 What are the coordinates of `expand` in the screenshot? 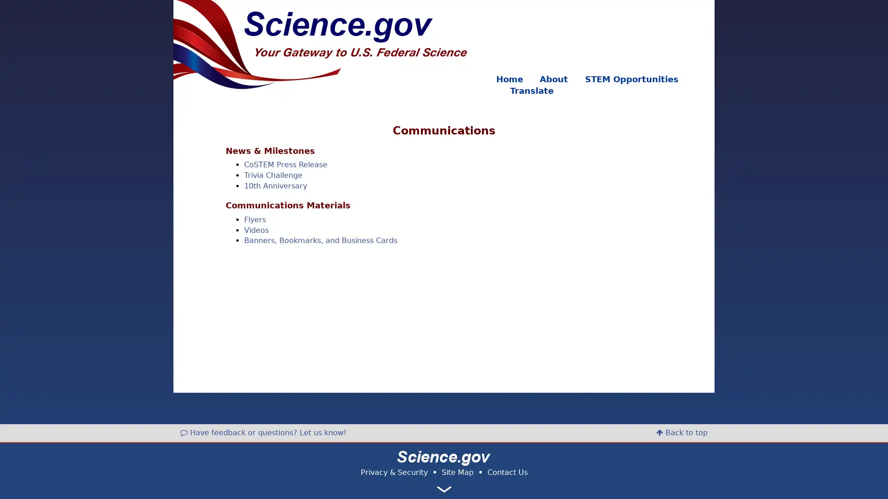 It's located at (444, 489).